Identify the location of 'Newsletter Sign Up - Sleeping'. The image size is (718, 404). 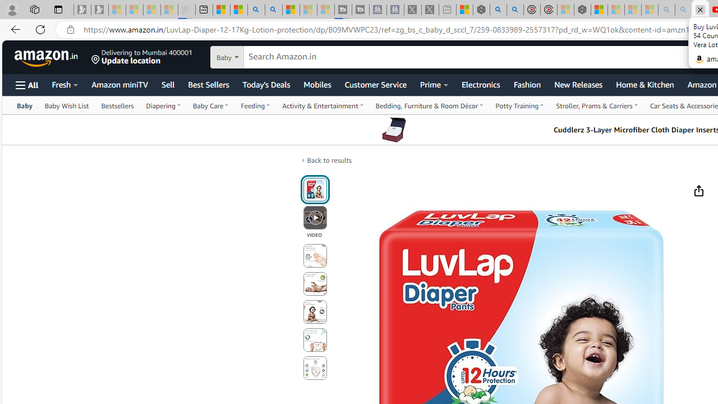
(99, 10).